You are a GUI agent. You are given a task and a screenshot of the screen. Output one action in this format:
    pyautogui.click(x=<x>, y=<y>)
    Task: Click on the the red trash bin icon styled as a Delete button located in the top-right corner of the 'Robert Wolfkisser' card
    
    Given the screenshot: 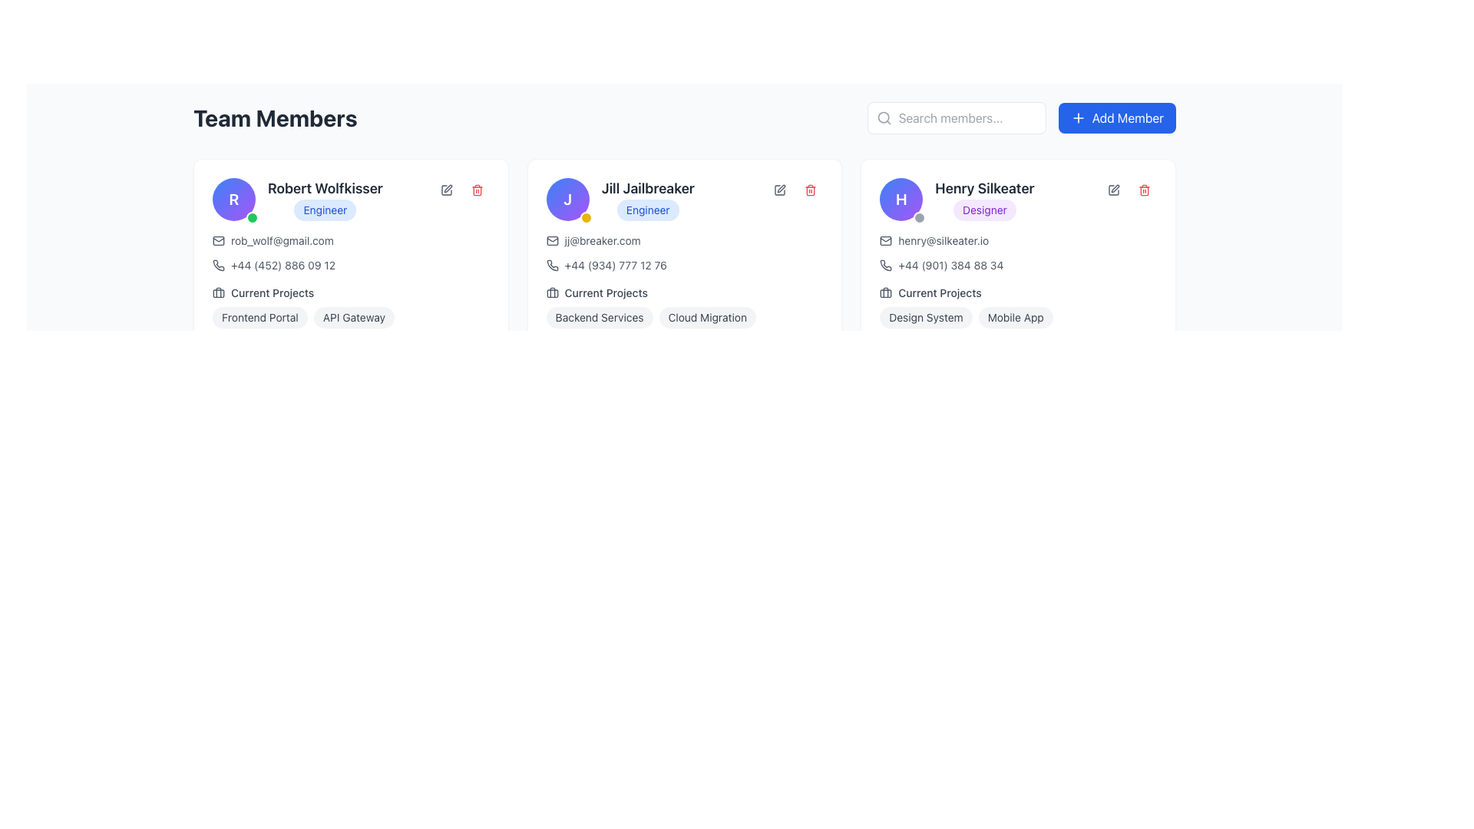 What is the action you would take?
    pyautogui.click(x=476, y=189)
    